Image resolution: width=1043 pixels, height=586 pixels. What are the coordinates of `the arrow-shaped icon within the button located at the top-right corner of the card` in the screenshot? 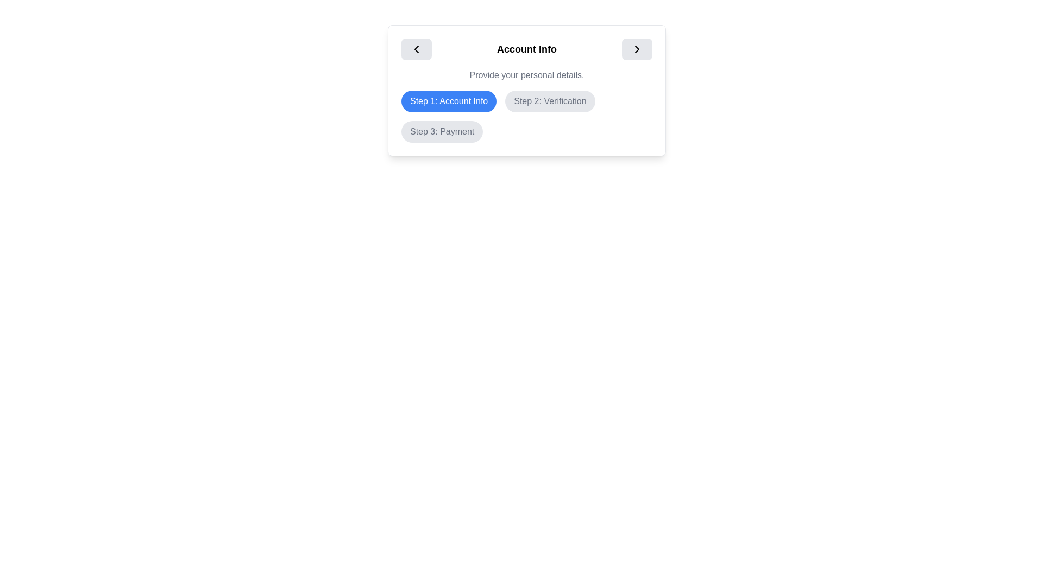 It's located at (637, 49).